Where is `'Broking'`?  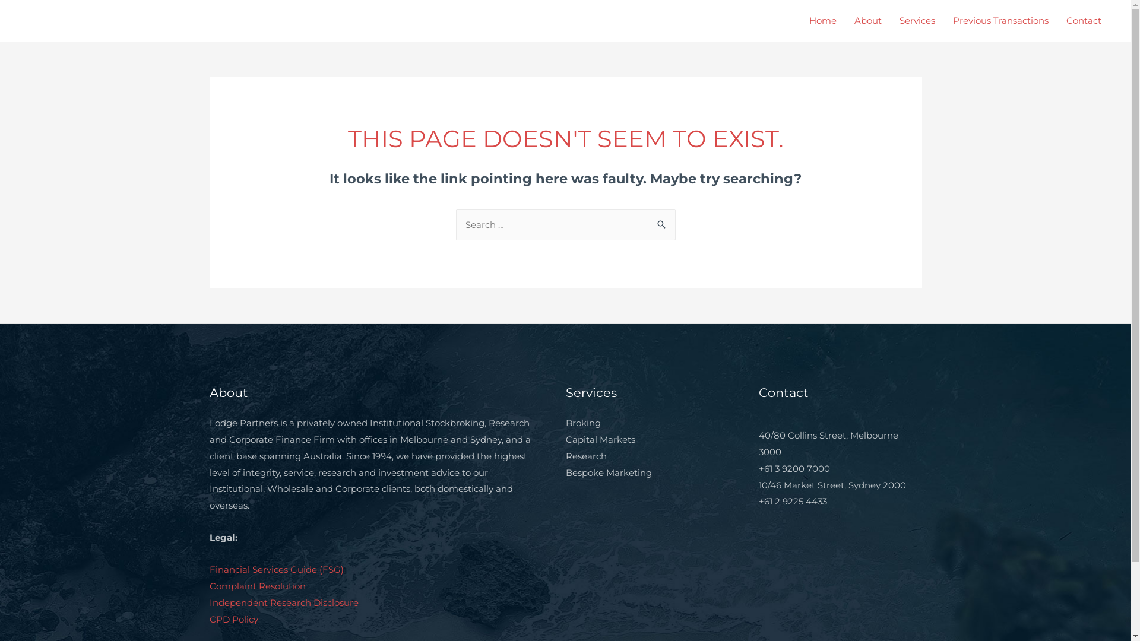
'Broking' is located at coordinates (582, 422).